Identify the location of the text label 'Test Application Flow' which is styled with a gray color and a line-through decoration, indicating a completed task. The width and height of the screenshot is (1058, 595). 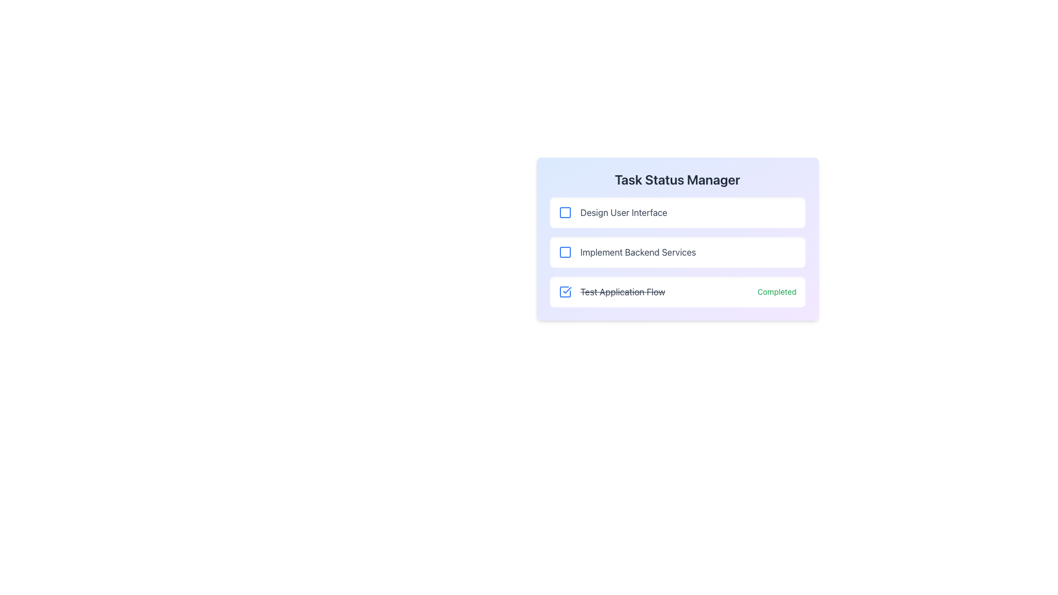
(623, 291).